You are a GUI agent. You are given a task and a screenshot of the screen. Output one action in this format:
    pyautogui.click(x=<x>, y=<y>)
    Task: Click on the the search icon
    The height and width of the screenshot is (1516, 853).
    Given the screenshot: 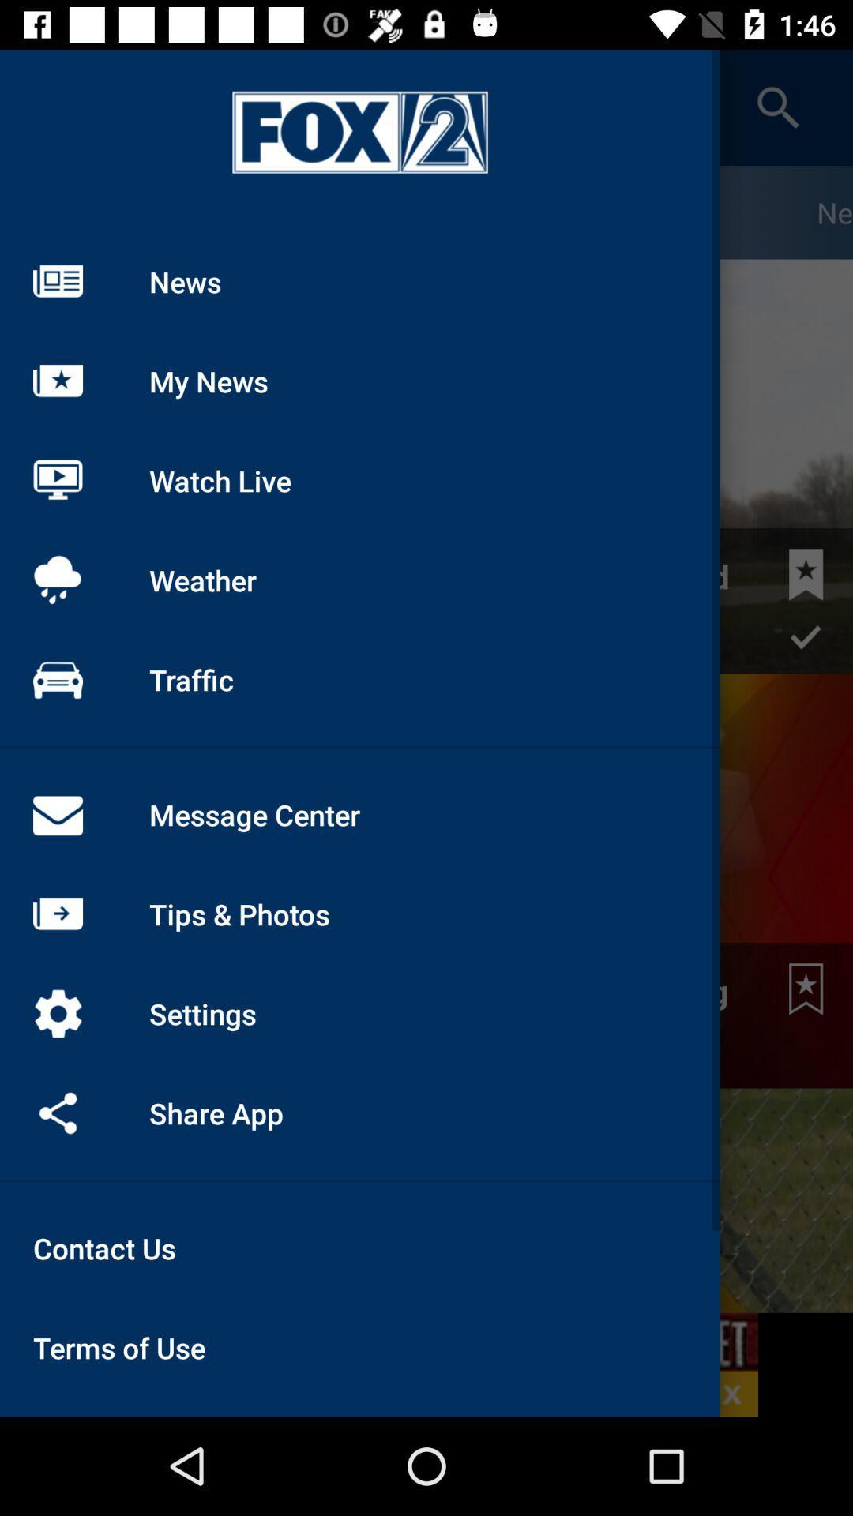 What is the action you would take?
    pyautogui.click(x=777, y=107)
    